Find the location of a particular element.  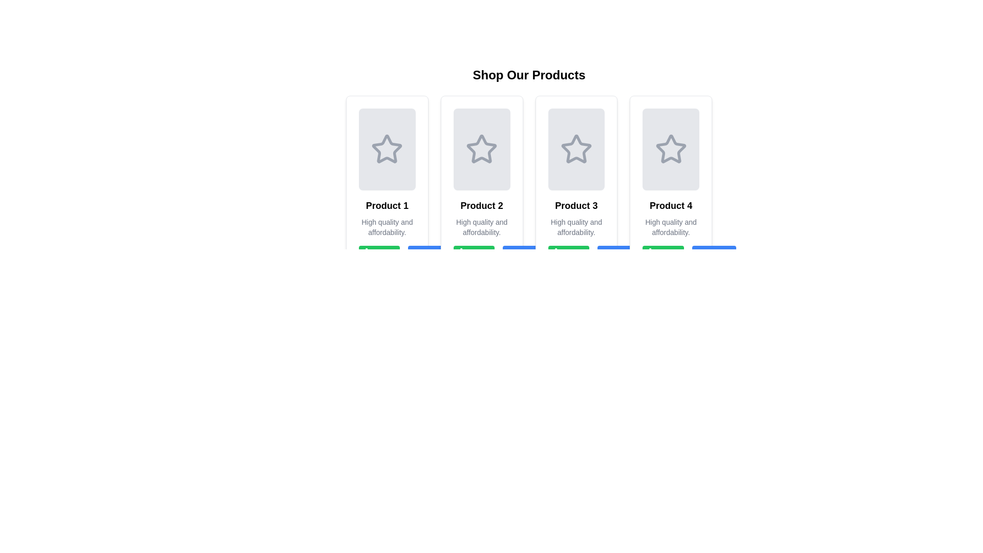

the shopping cart icon located within the green rounded button labeled 'Add', which is positioned to the left of the text 'Add' is located at coordinates (654, 253).